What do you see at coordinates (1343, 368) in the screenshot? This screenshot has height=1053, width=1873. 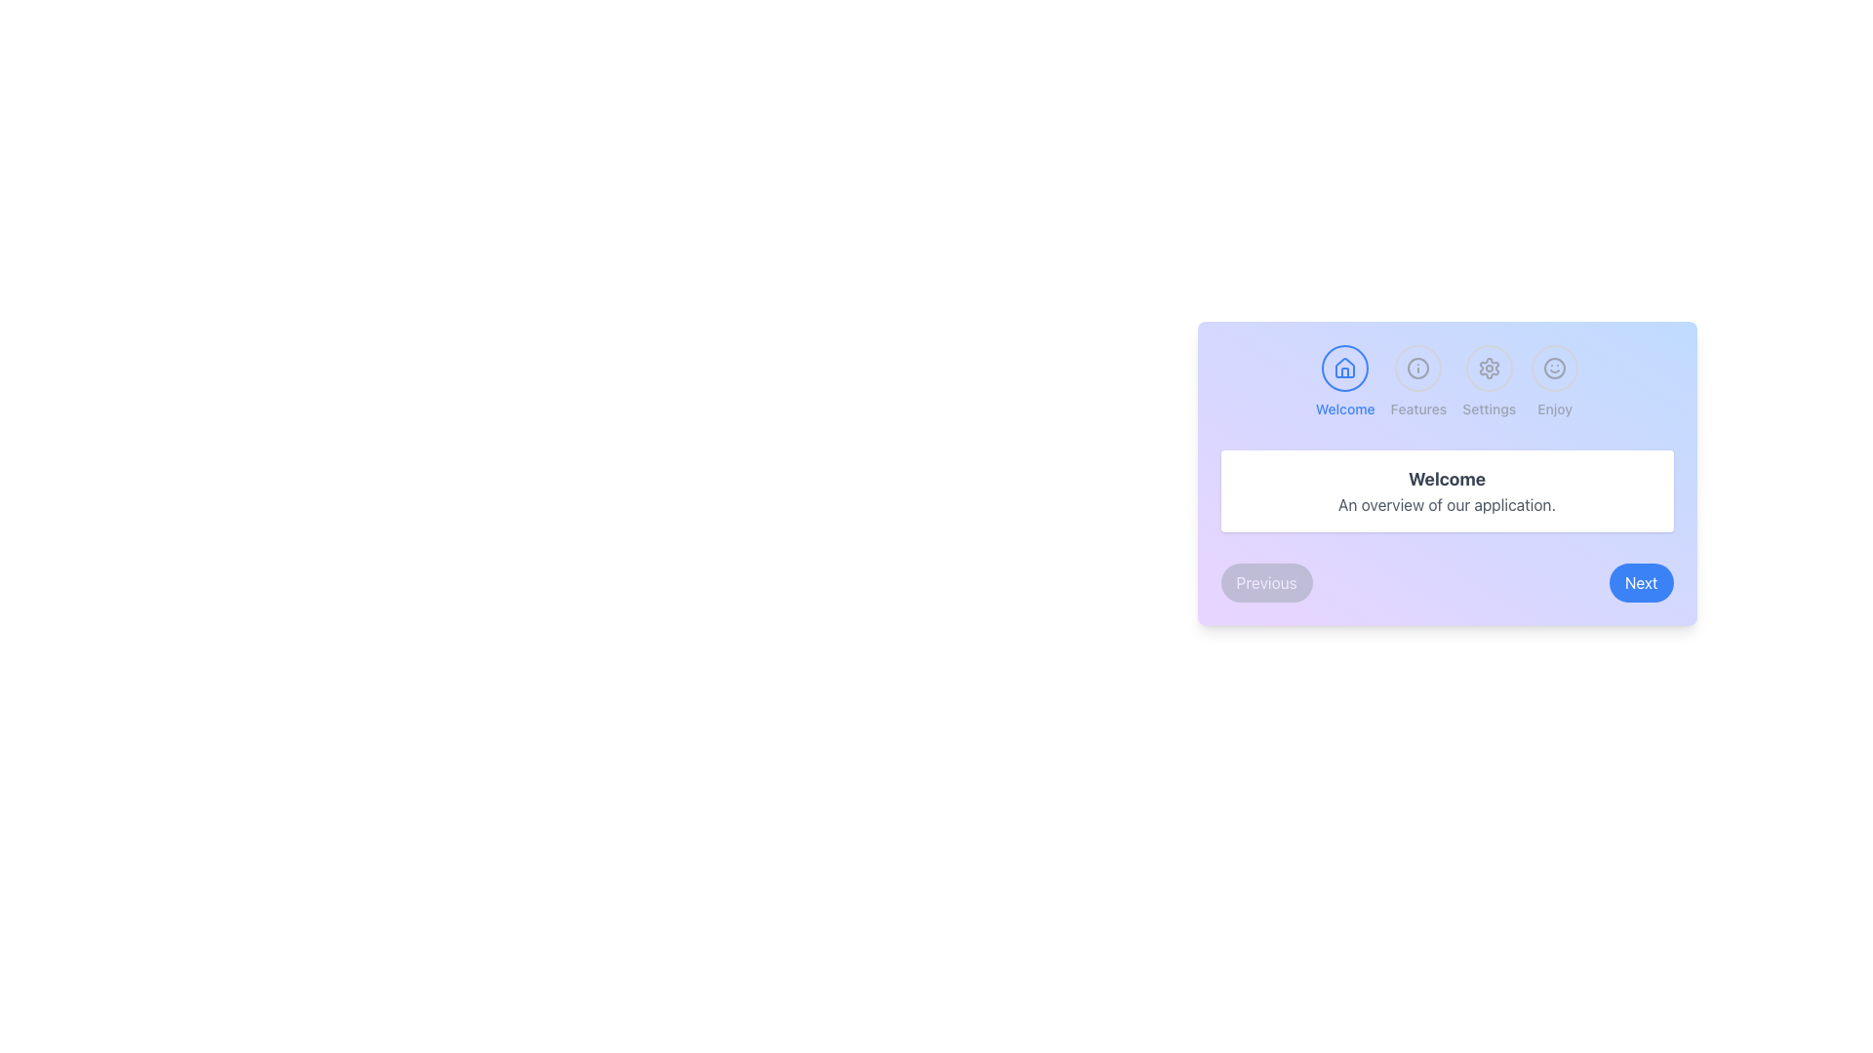 I see `the 'Home' icon located at the far-left of the navigation menu` at bounding box center [1343, 368].